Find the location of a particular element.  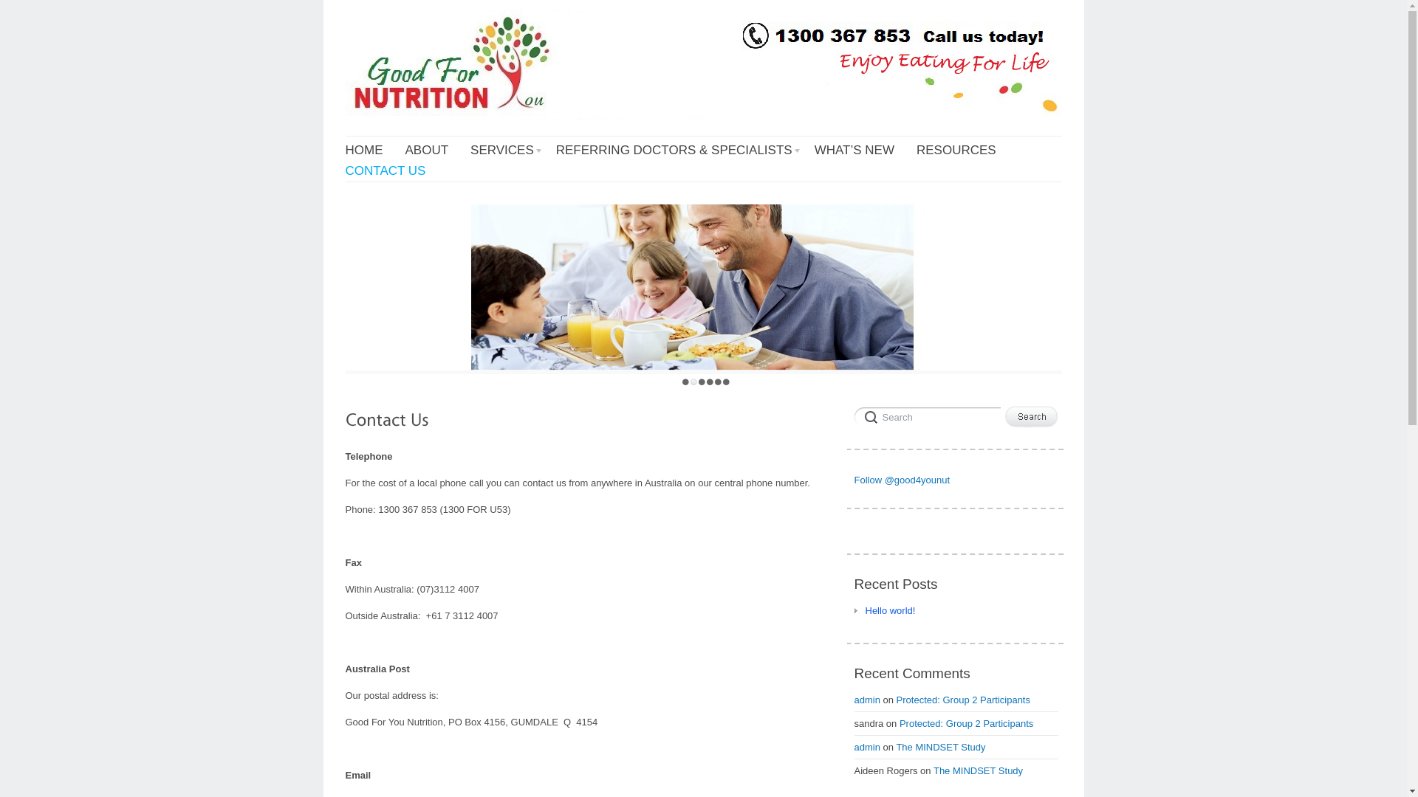

'2' is located at coordinates (690, 381).